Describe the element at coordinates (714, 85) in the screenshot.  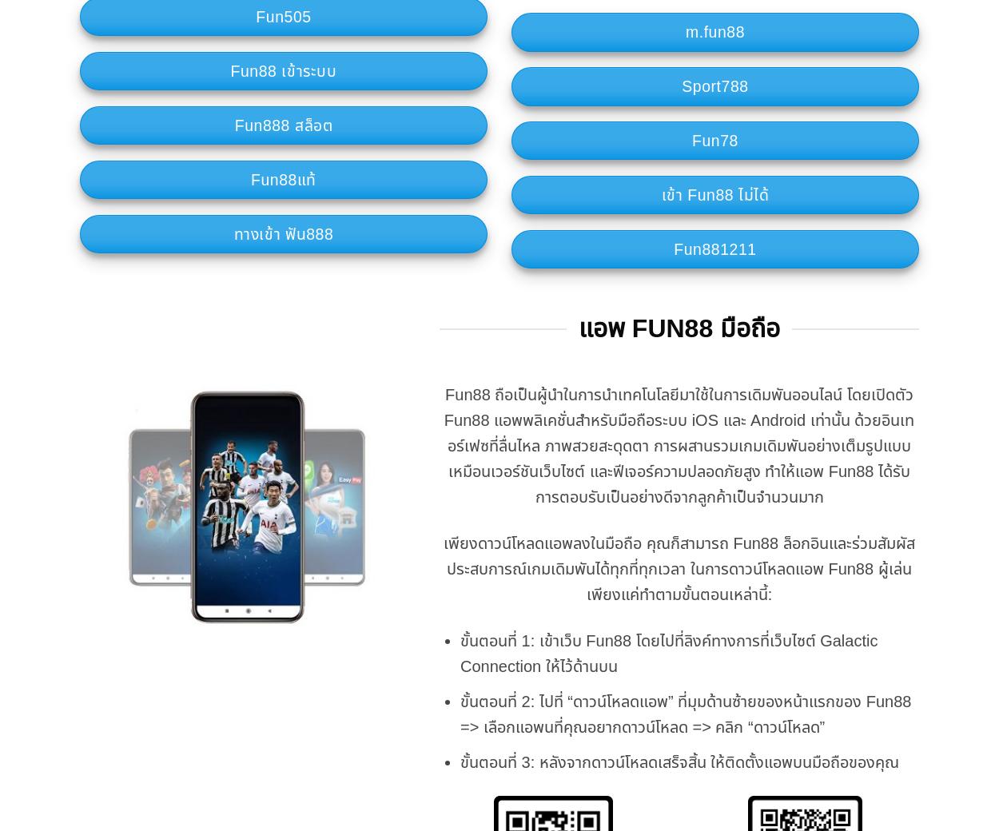
I see `'Sport788'` at that location.